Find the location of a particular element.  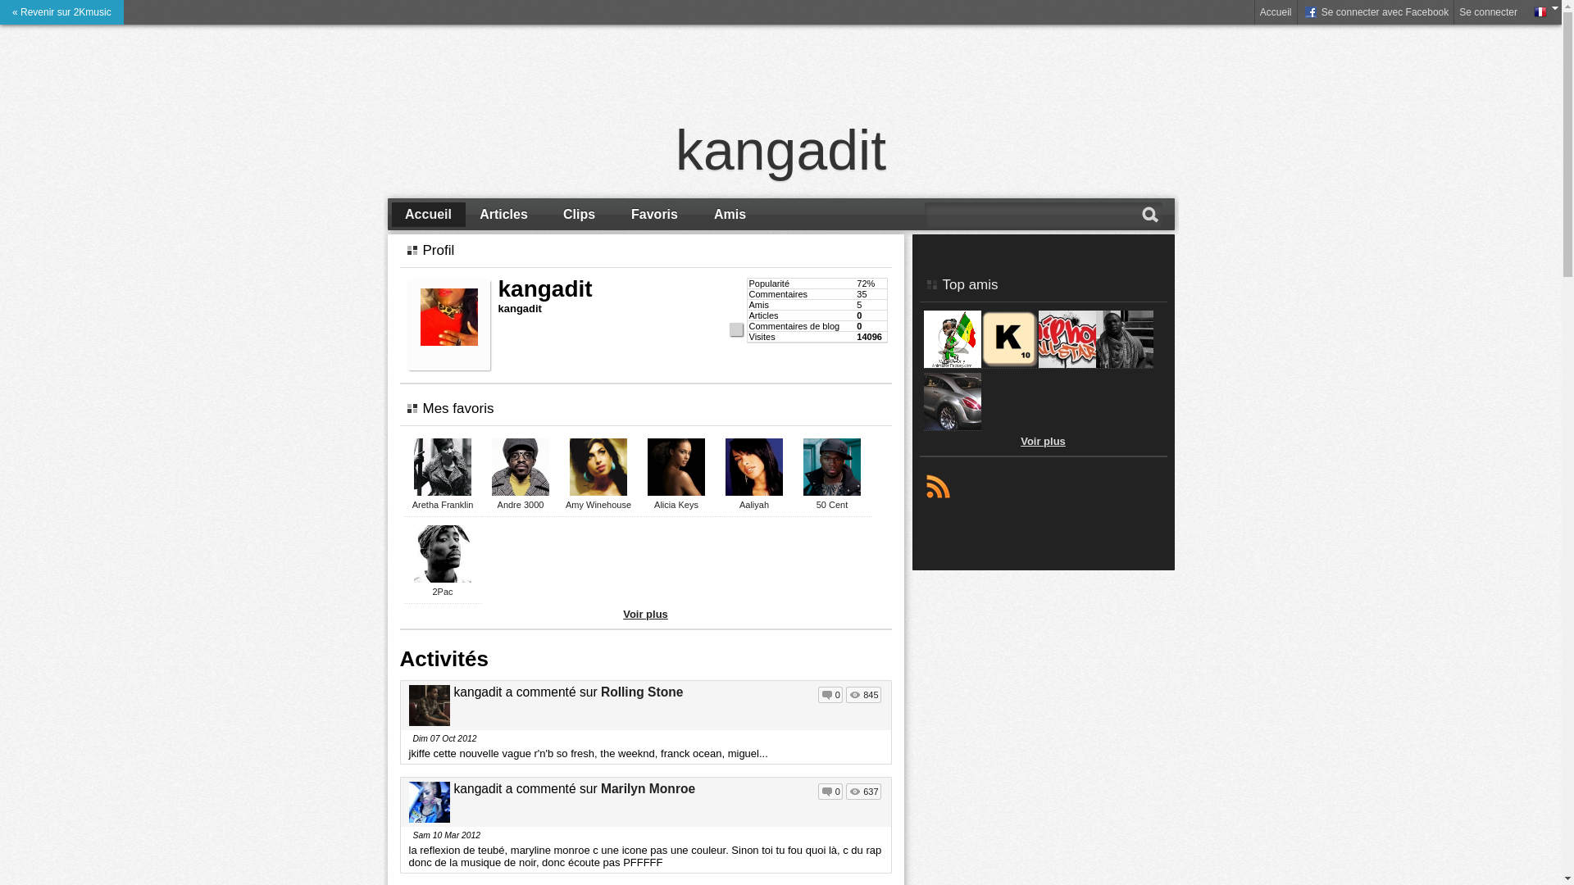

'Alicia Keys' is located at coordinates (676, 504).